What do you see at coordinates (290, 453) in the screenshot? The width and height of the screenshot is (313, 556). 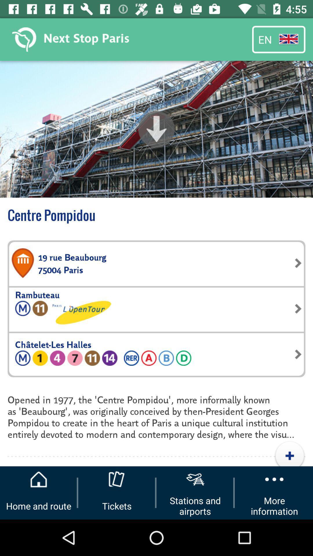 I see `the add icon` at bounding box center [290, 453].